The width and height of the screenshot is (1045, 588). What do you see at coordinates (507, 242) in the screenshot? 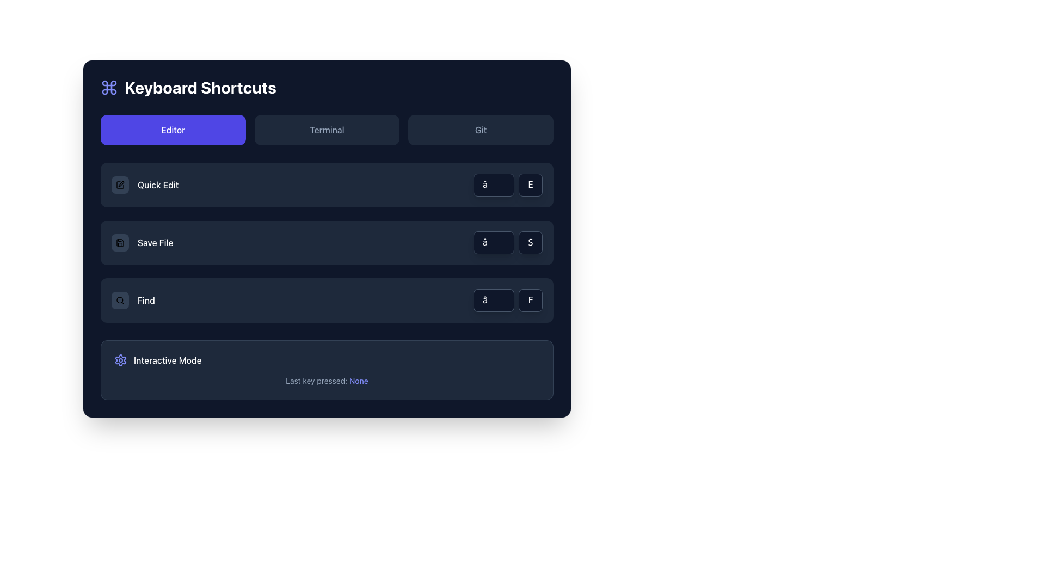
I see `the Key combination display consisting of two adjacent rectangular buttons, one with the symbol '⌘' and the other with the letter 'S', located to the right of the 'Save File' label in the 'Keyboard Shortcuts' interface` at bounding box center [507, 242].